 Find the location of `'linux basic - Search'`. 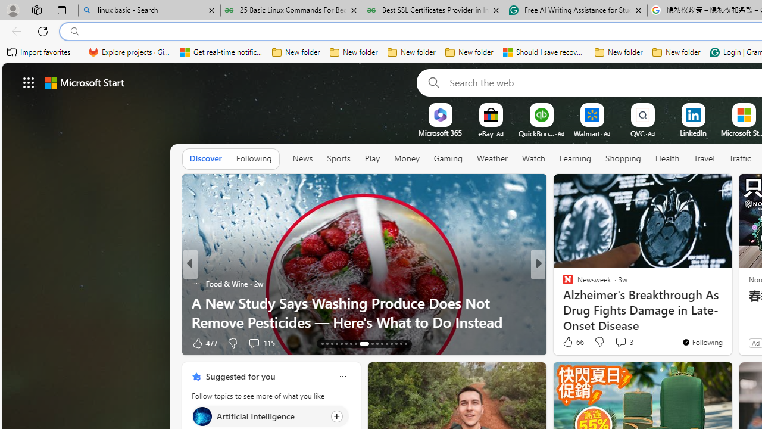

'linux basic - Search' is located at coordinates (148, 10).